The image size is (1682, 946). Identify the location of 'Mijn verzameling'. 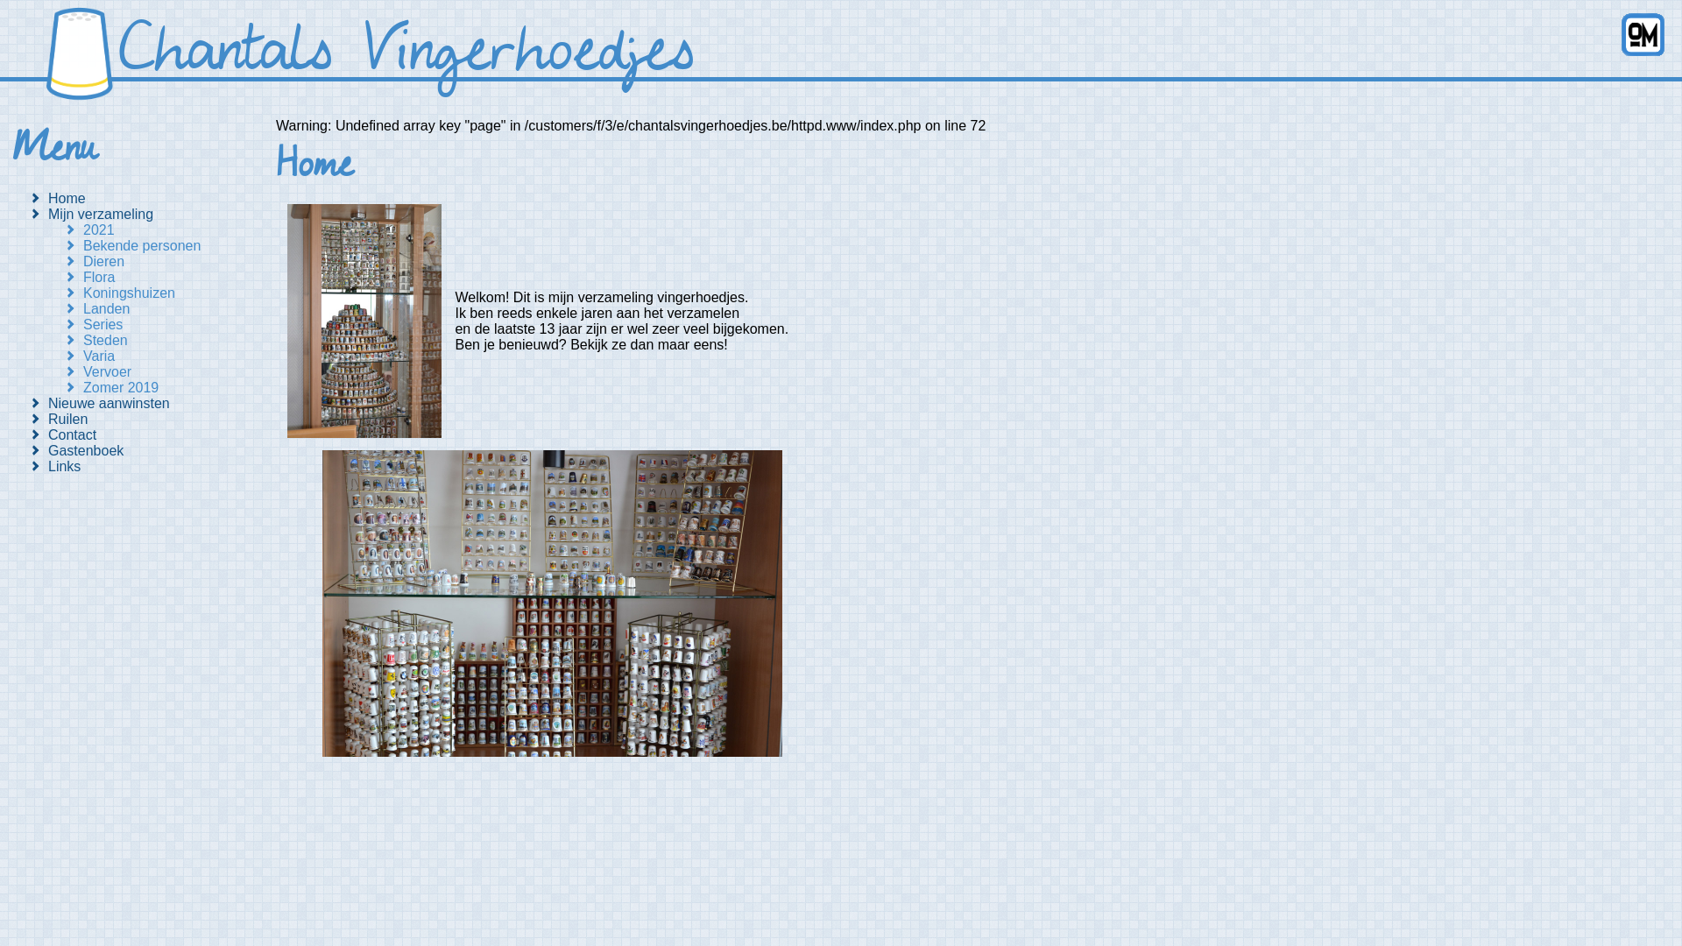
(148, 214).